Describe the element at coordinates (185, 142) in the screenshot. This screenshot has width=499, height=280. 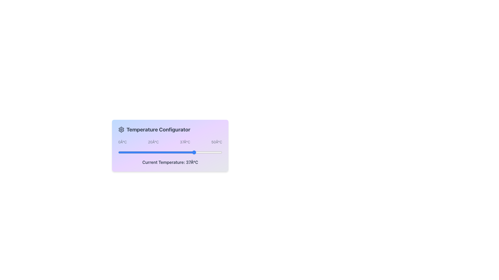
I see `the static text label displaying '37Â°C', which is styled in gray font and is the third temperature label within a group of four labels above the 'Temperature Configurator' slider` at that location.